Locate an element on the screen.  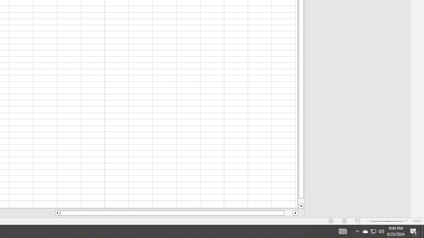
'Normal' is located at coordinates (331, 221).